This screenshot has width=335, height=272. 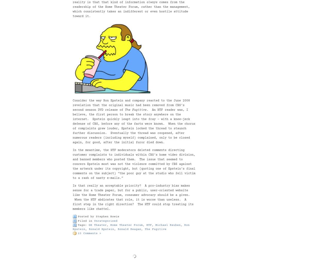 What do you see at coordinates (133, 197) in the screenshot?
I see `'Is that really an acceptable priority?  A pro-industry bias makes sense for a trade paper, but for a public, user-oriented website like the Home Theater Forum, consumer advocacy should be a given.  When the HTF abdicates that role, it is worse than useless.  A first step in the right direction?  The HTF could stop treating its members like chattel.'` at bounding box center [133, 197].